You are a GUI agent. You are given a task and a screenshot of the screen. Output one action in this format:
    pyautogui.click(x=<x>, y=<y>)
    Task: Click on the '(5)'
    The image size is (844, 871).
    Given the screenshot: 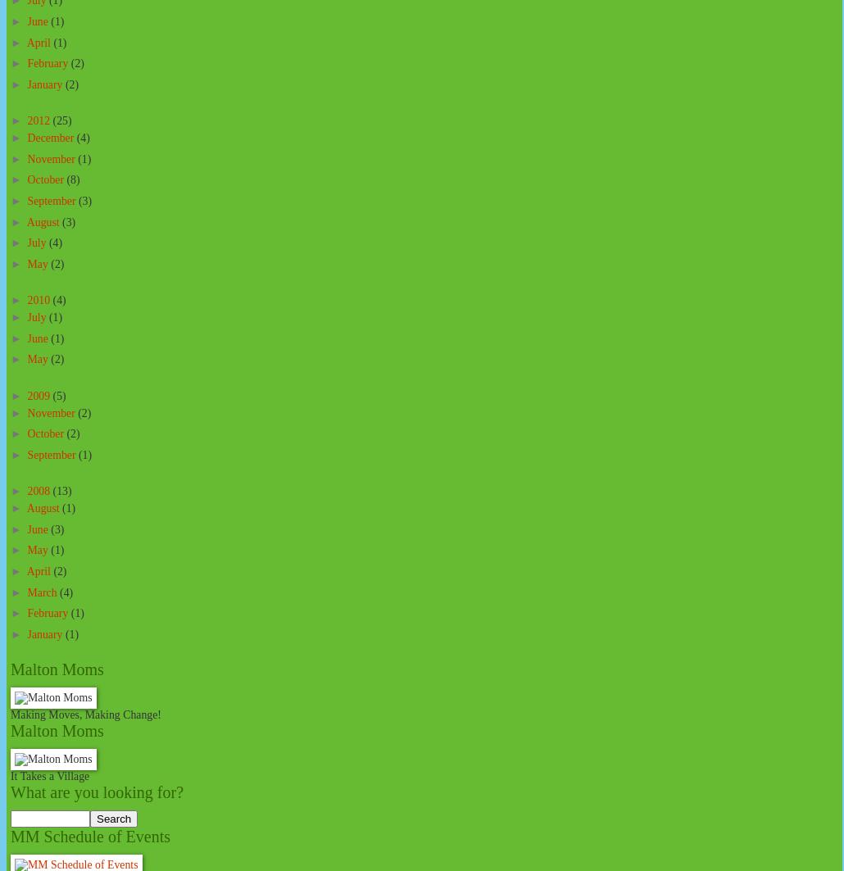 What is the action you would take?
    pyautogui.click(x=58, y=395)
    